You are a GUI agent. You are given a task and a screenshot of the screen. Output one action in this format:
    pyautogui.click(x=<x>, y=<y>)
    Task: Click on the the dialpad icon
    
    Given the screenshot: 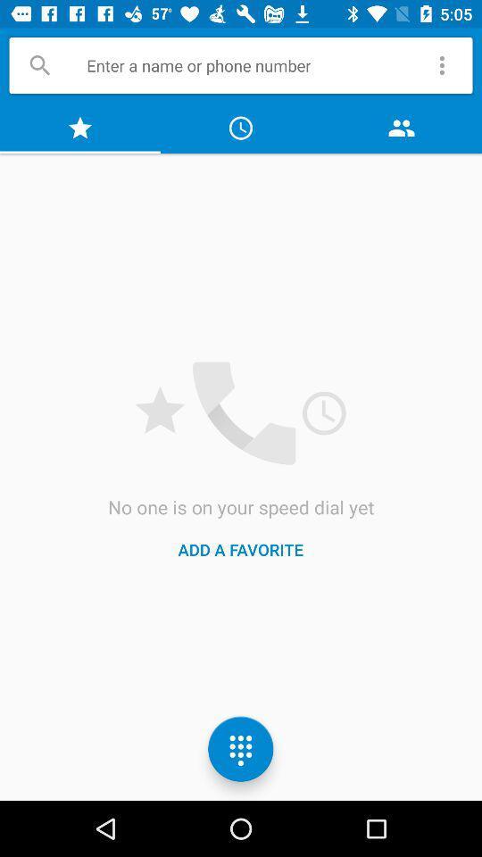 What is the action you would take?
    pyautogui.click(x=241, y=749)
    